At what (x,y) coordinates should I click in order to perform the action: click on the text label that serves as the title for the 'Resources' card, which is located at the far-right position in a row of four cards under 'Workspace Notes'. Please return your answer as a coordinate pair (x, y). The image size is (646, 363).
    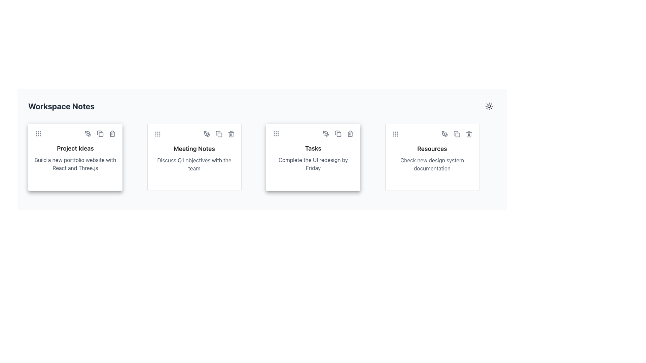
    Looking at the image, I should click on (432, 149).